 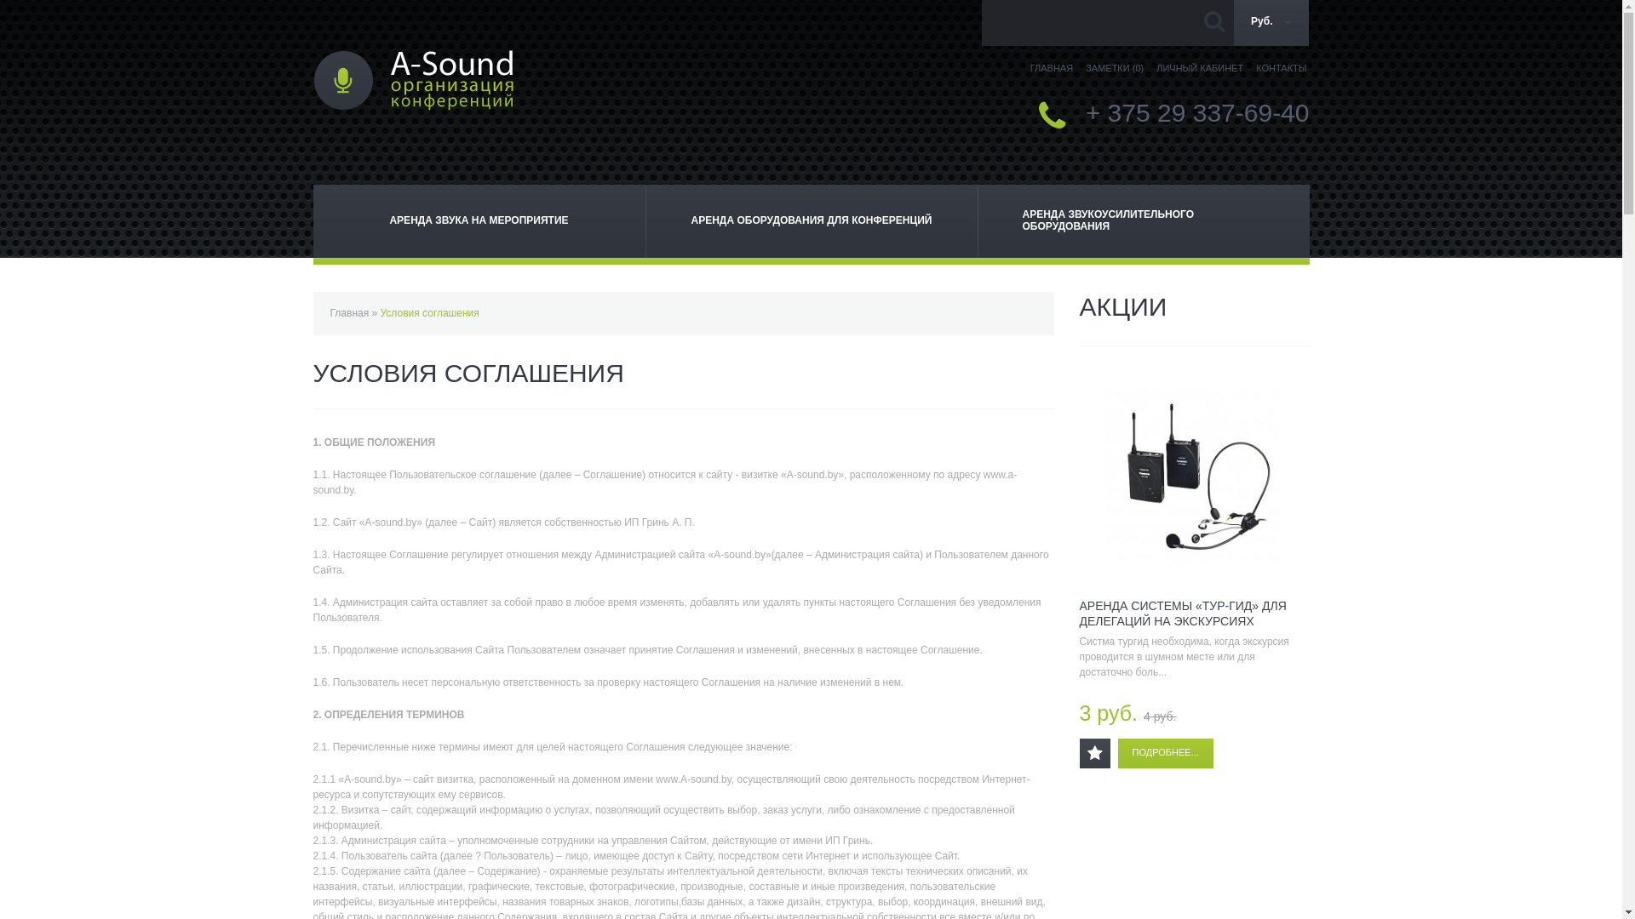 I want to click on 'A-Sound', so click(x=413, y=80).